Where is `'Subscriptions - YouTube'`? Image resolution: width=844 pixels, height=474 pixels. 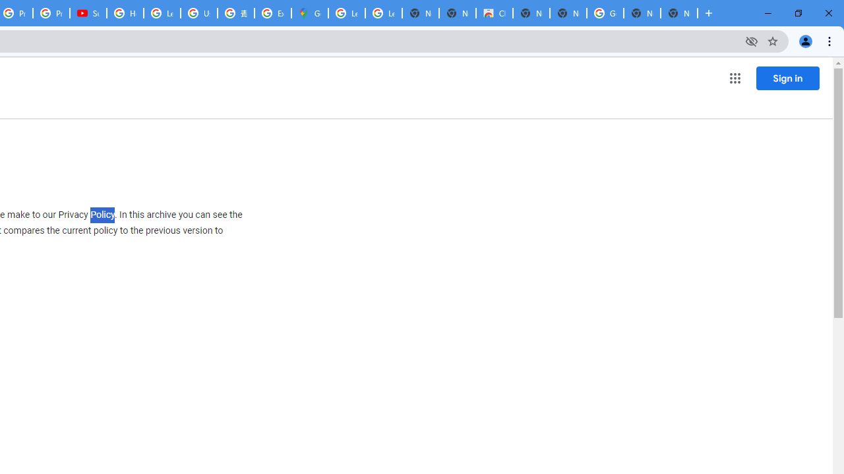 'Subscriptions - YouTube' is located at coordinates (88, 13).